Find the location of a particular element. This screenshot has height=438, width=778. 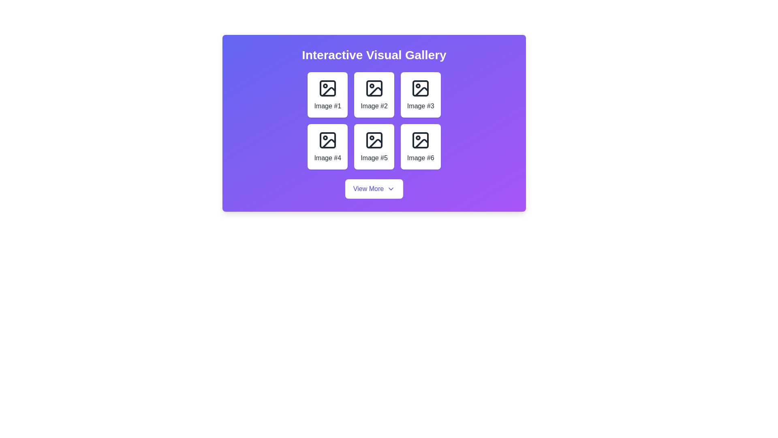

the Text label located in the first row and third column of the 2x3 grid layout, which provides descriptive text for an image in a visual gallery is located at coordinates (421, 106).